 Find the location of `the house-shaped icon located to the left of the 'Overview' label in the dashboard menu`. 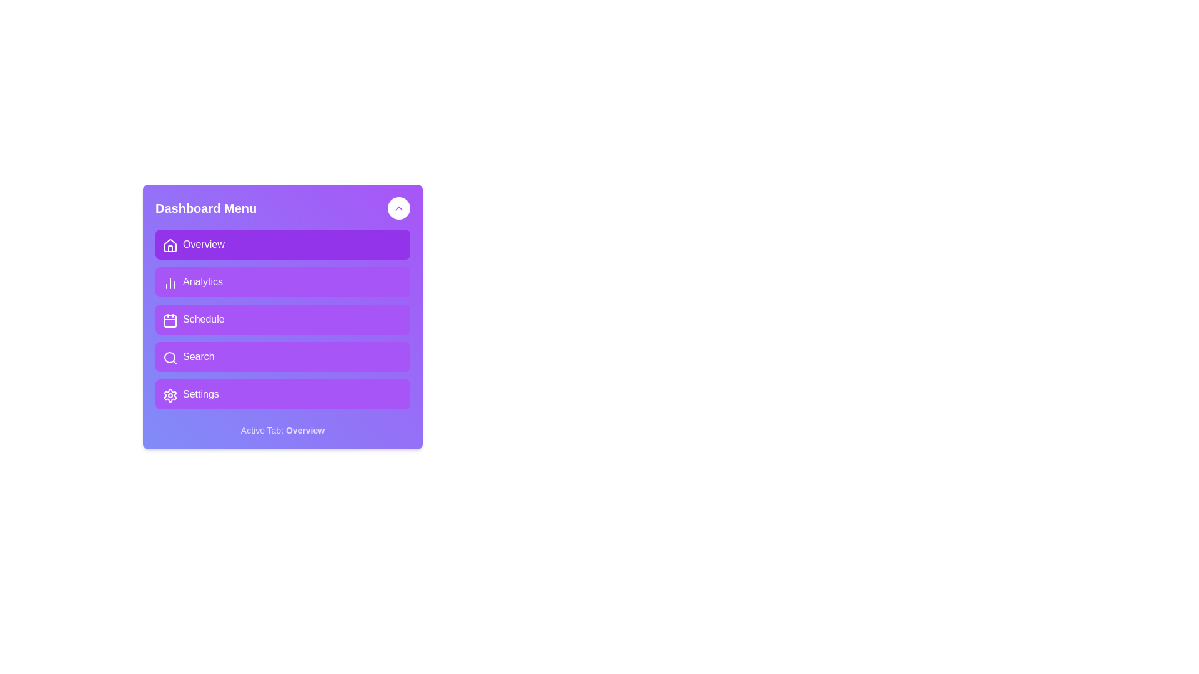

the house-shaped icon located to the left of the 'Overview' label in the dashboard menu is located at coordinates (170, 245).